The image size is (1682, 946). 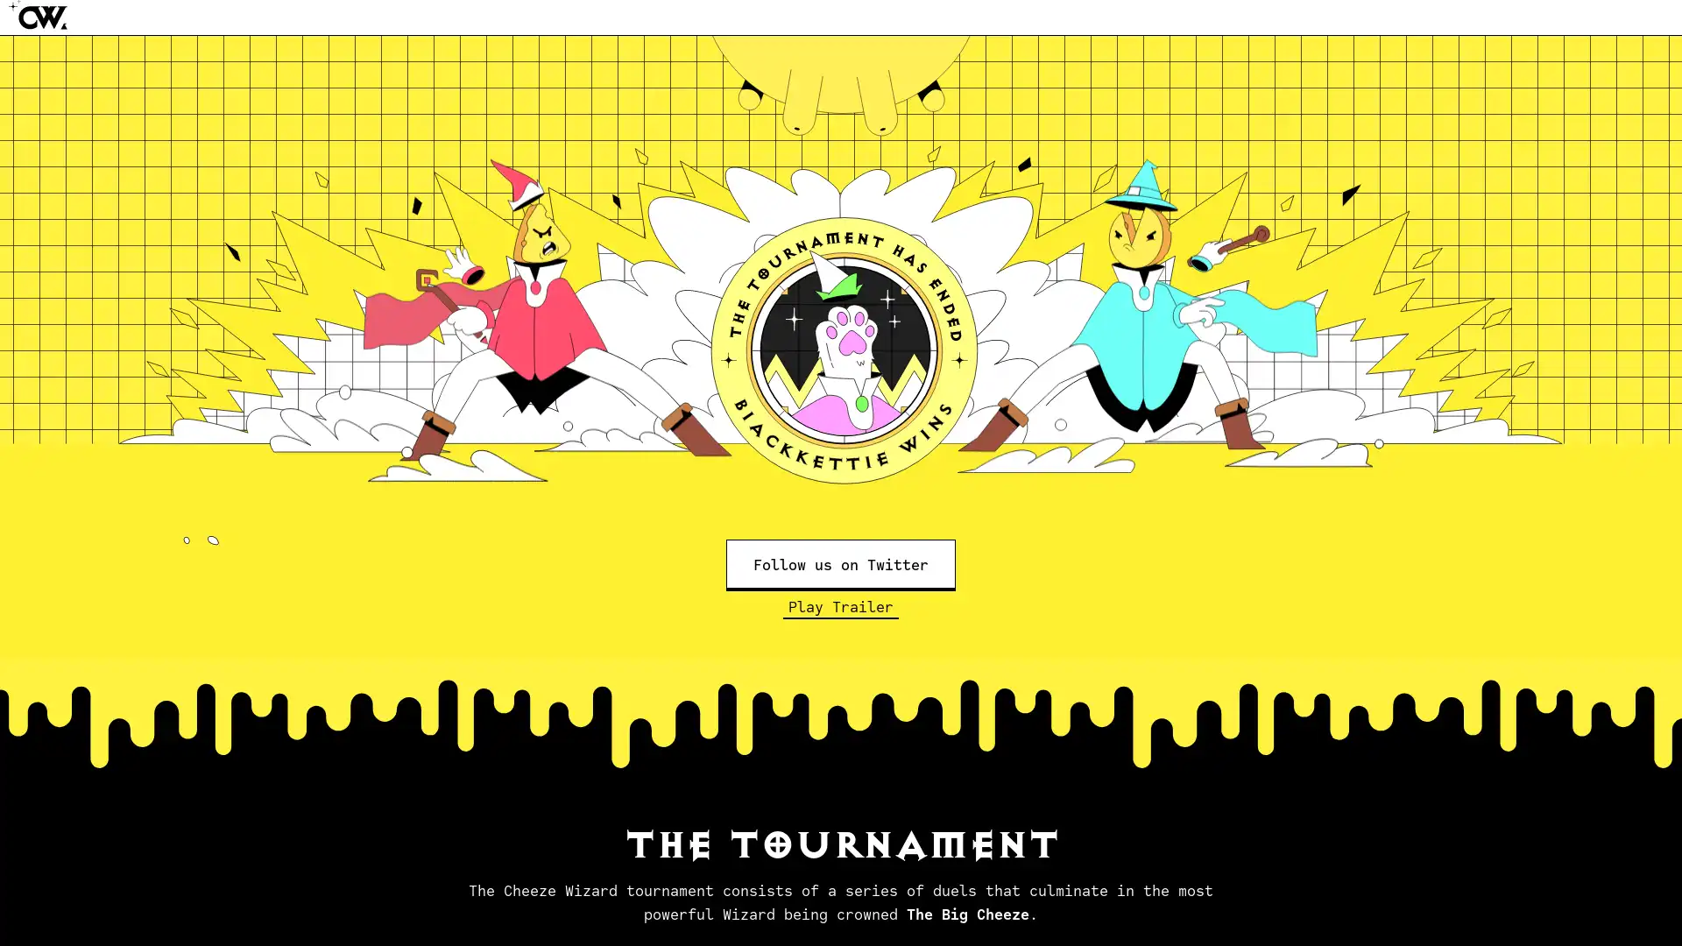 What do you see at coordinates (841, 607) in the screenshot?
I see `Play Trailer` at bounding box center [841, 607].